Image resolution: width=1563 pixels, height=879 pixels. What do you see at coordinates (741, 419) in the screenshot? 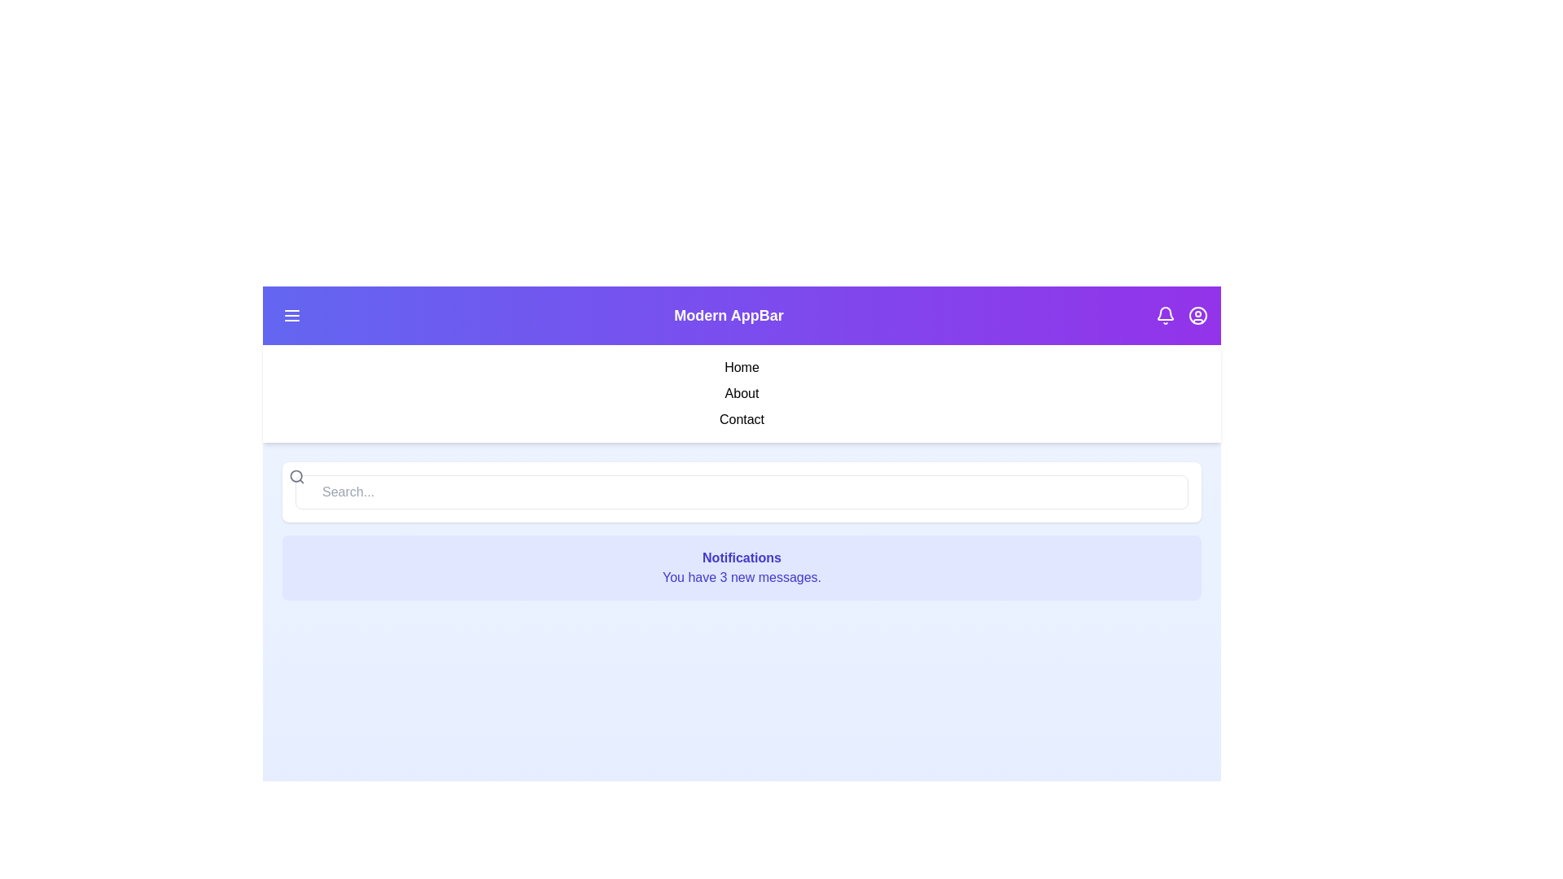
I see `the 'Contact' menu item in the sidebar to navigate to the 'Contact' section` at bounding box center [741, 419].